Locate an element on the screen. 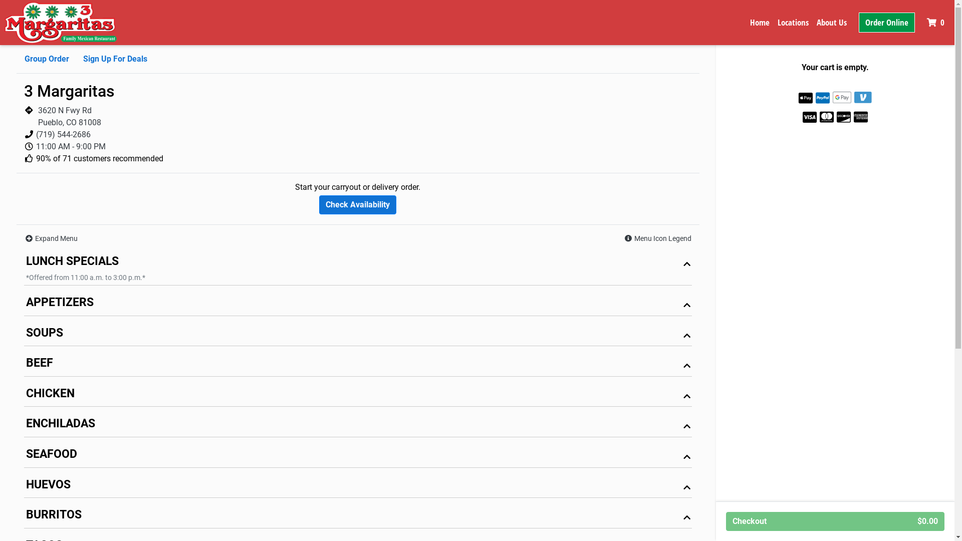 This screenshot has height=541, width=962. '(719) 544-2686' is located at coordinates (63, 134).